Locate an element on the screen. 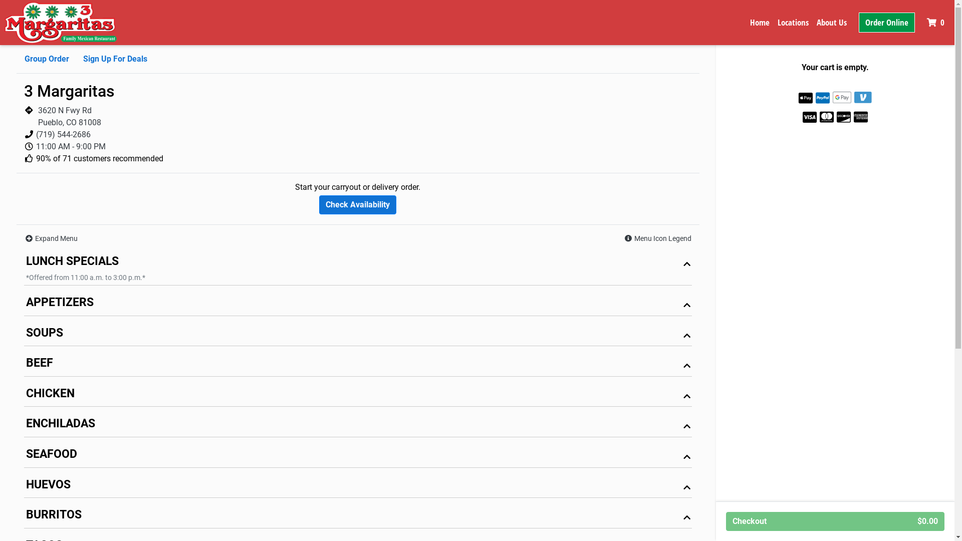 This screenshot has height=541, width=962. '(719) 544-2686' is located at coordinates (63, 134).